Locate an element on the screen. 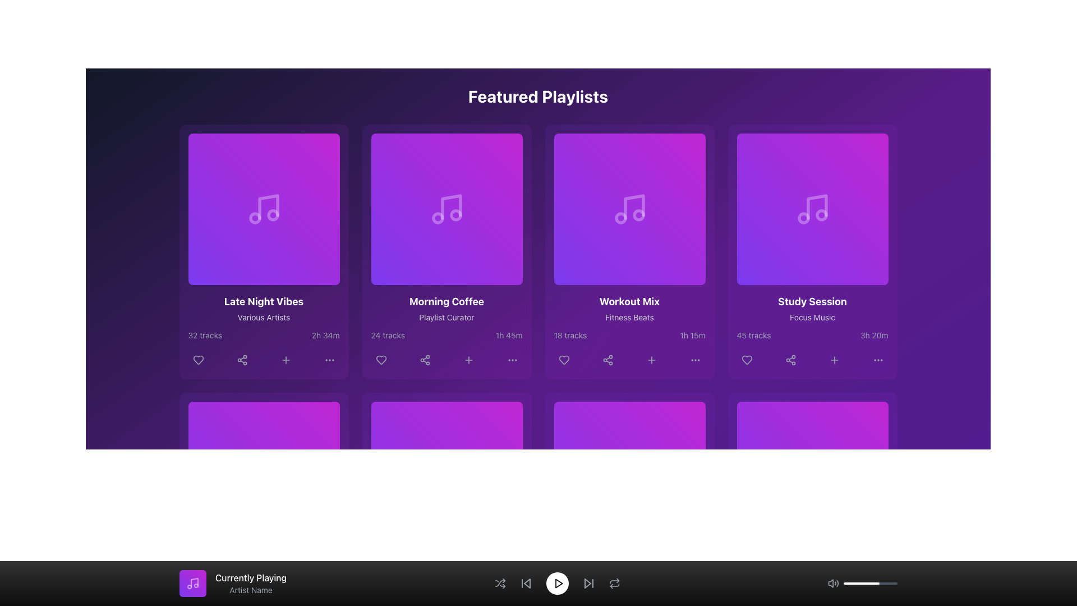 This screenshot has height=606, width=1077. the volume level is located at coordinates (845, 583).